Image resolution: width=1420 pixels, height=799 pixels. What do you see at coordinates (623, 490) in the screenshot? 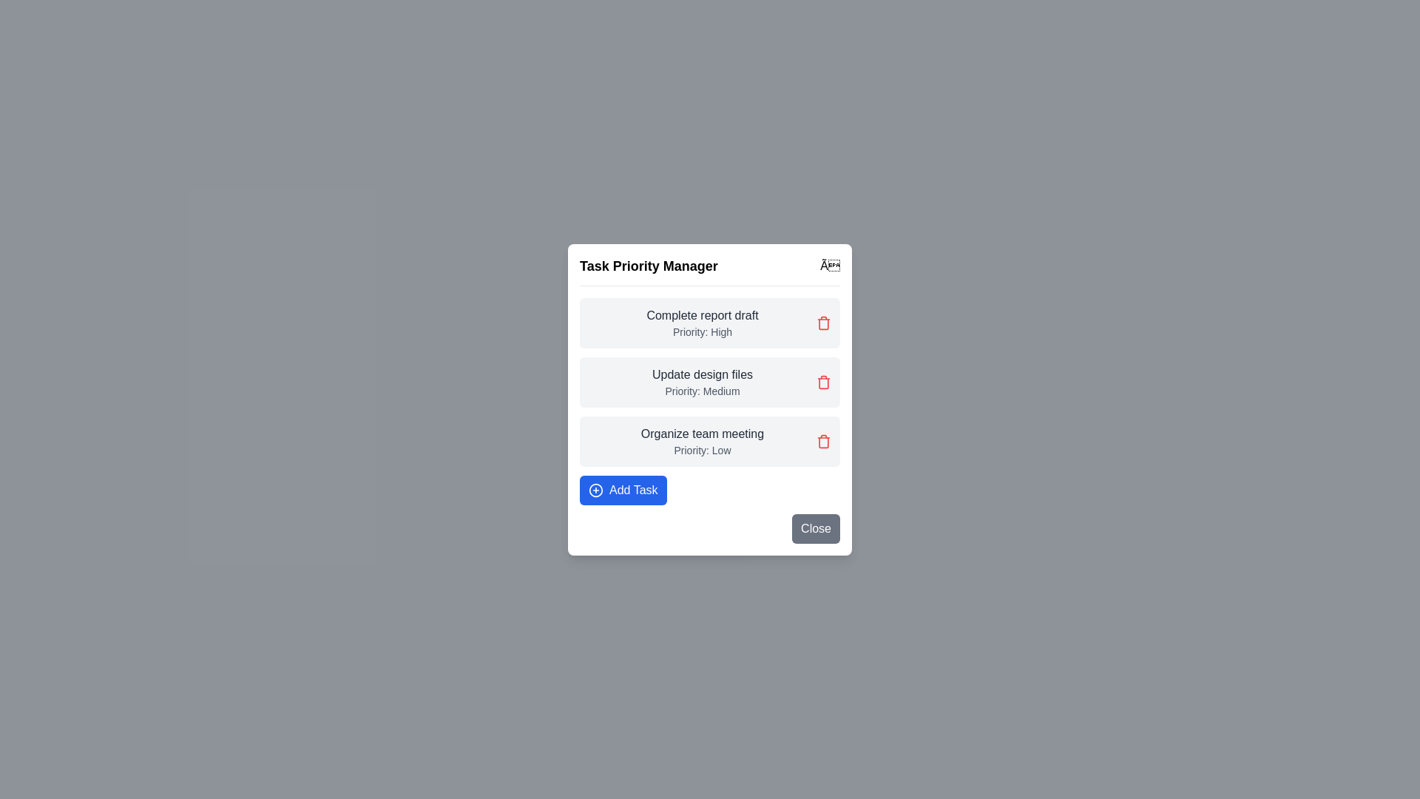
I see `the 'Add Task' button to add a new task` at bounding box center [623, 490].